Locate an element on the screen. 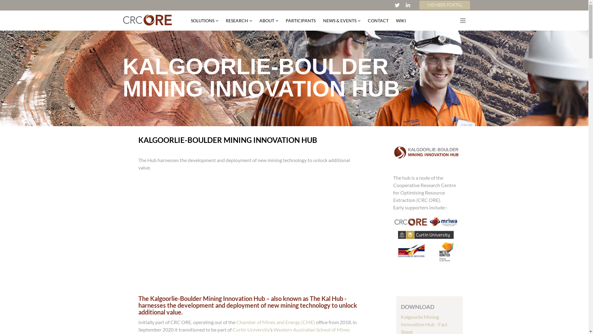  'YouTube video player' is located at coordinates (238, 233).